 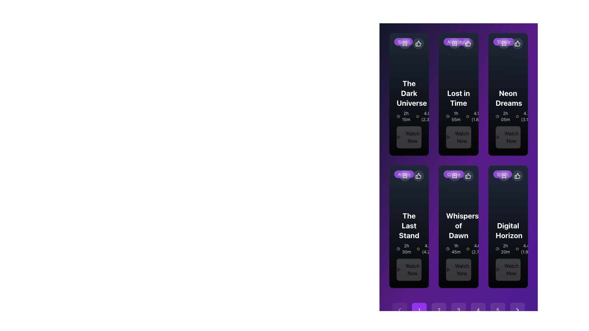 What do you see at coordinates (448, 116) in the screenshot?
I see `the graphical clock icon located in the 'Lost in Time' card, which has a minimalist design and is positioned to the left of the duration text '1h 55m'` at bounding box center [448, 116].